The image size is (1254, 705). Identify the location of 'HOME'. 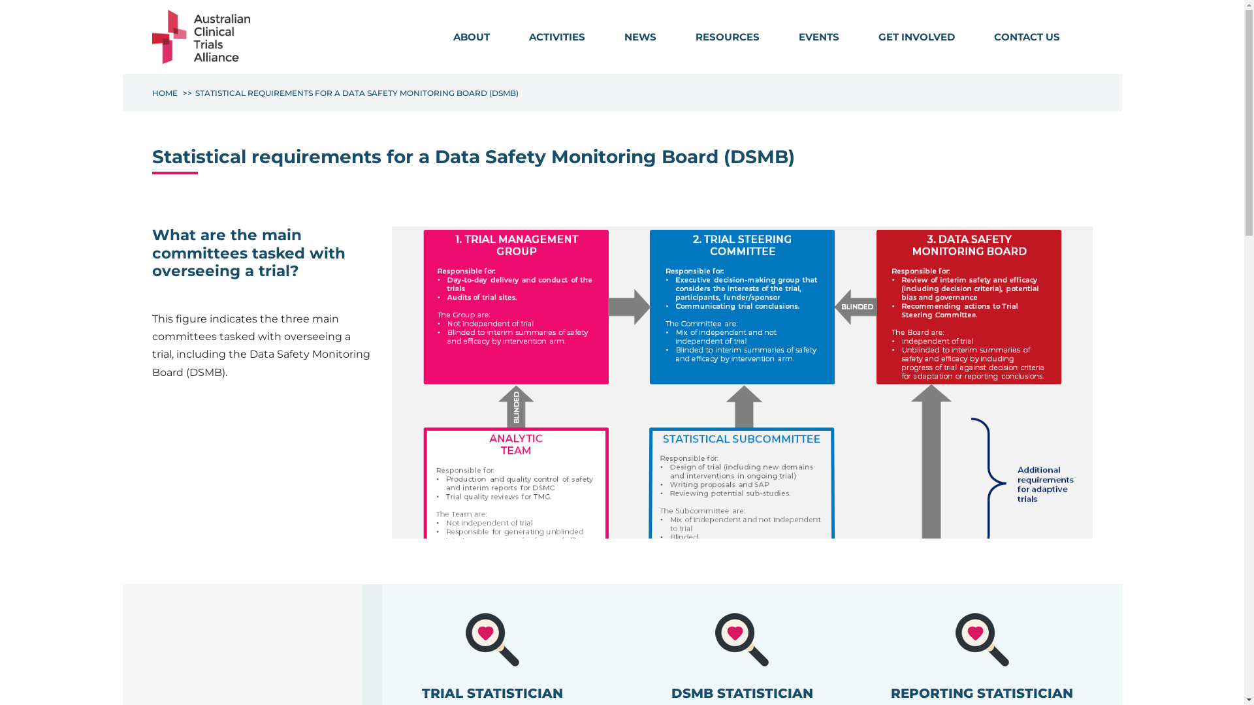
(163, 92).